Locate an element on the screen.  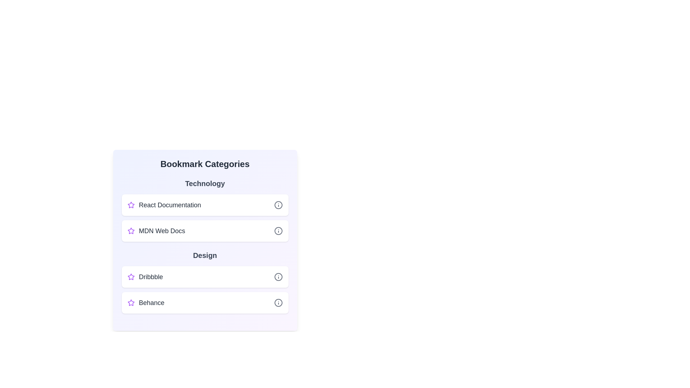
the bookmark titled MDN Web Docs is located at coordinates (204, 231).